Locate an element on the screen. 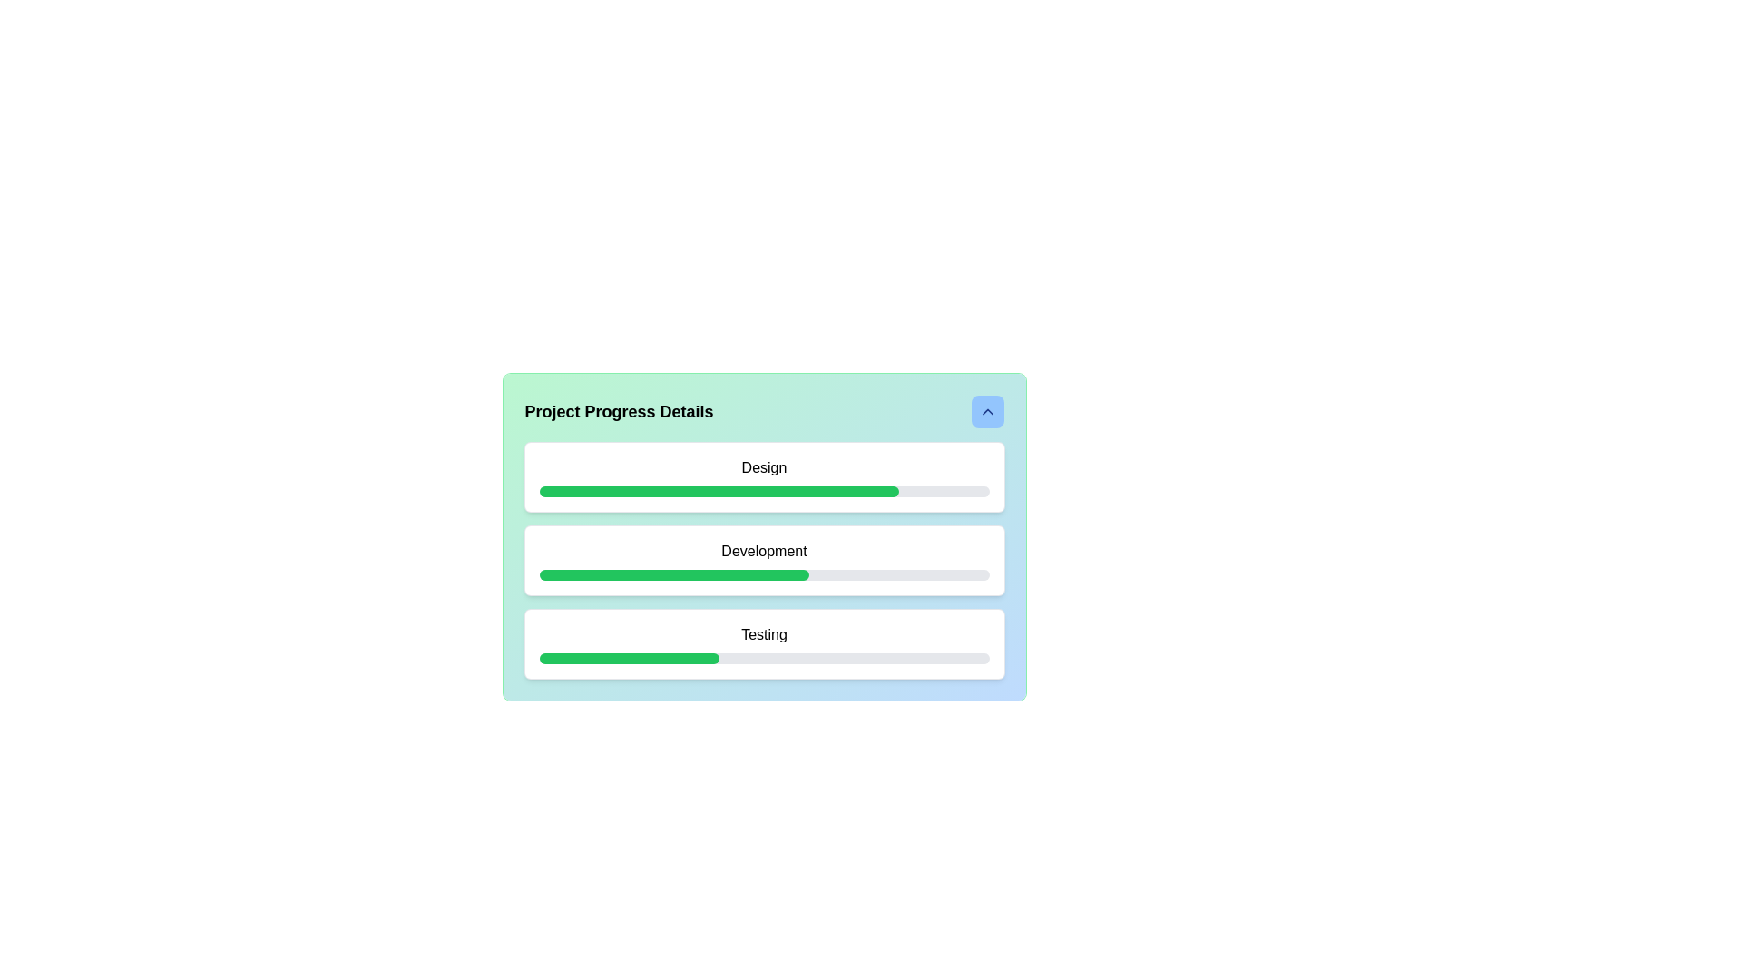 The image size is (1742, 980). the leftmost 80% progress bar segment under the 'Design' label in the first row of the vertically stacked layout is located at coordinates (718, 492).